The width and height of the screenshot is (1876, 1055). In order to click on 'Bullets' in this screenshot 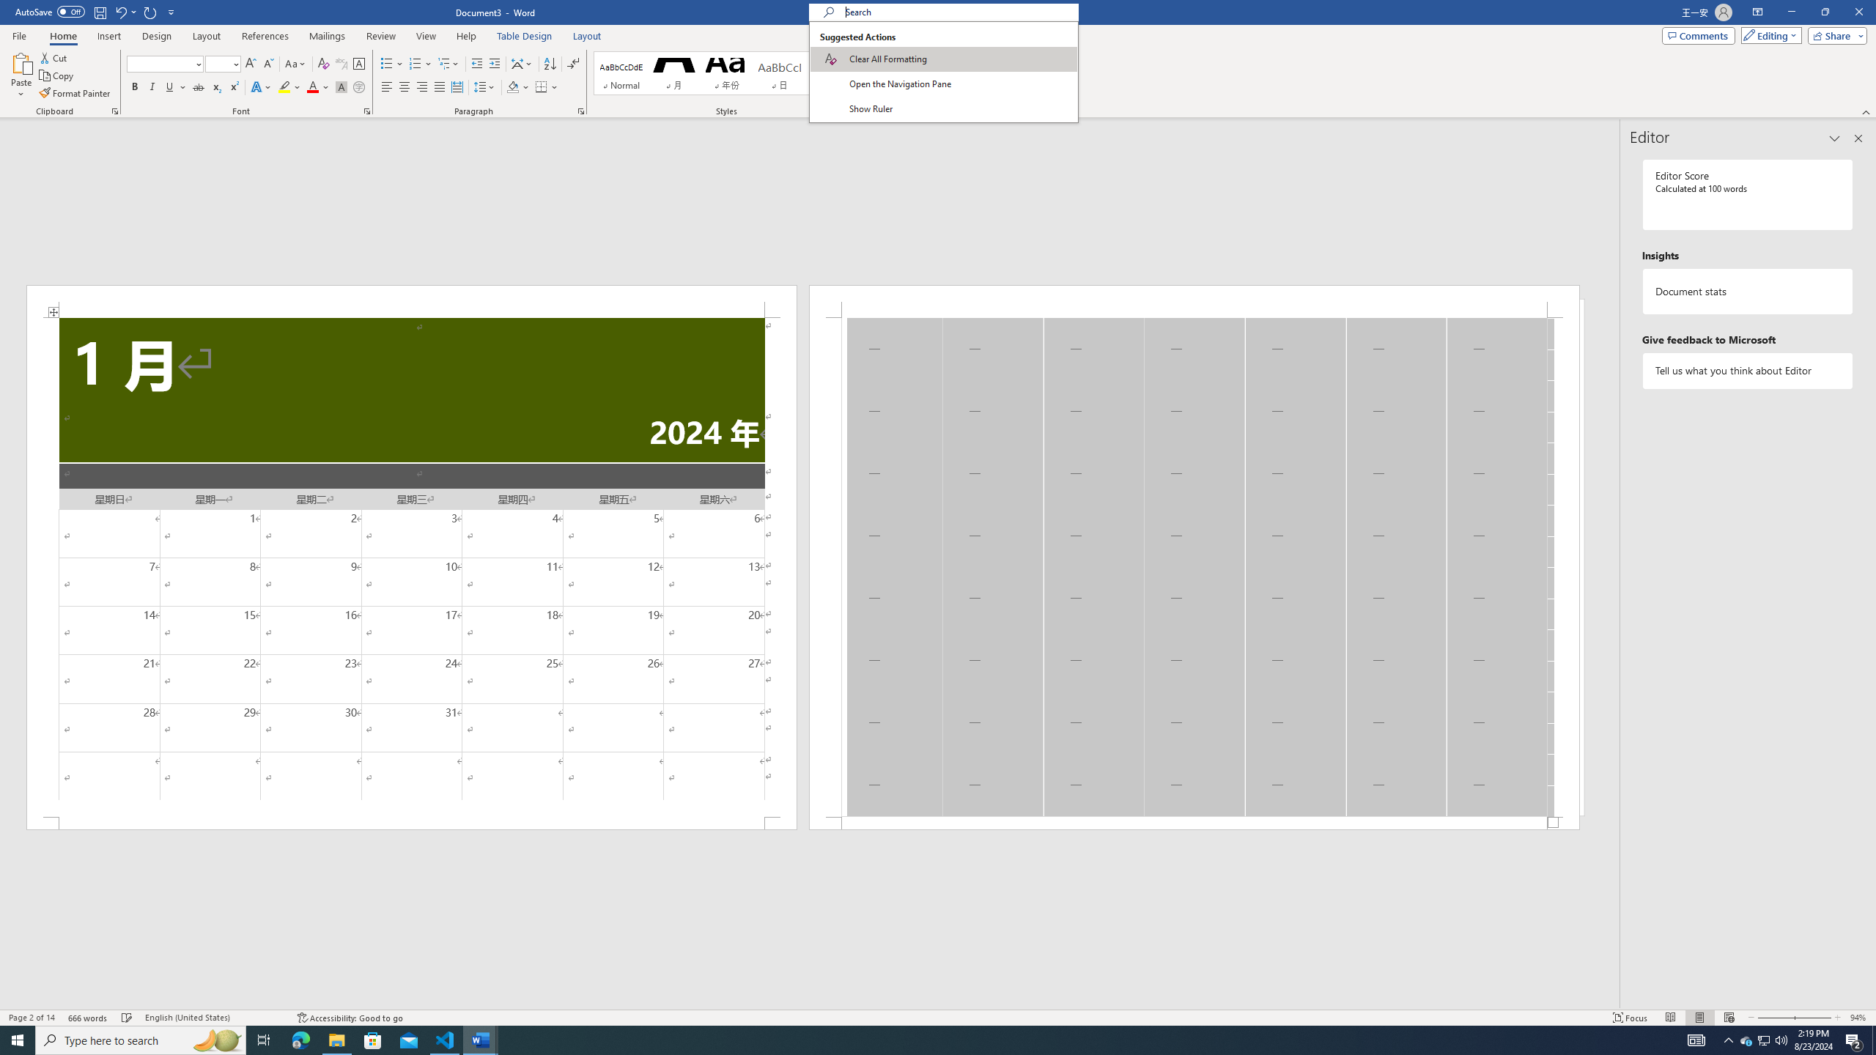, I will do `click(391, 64)`.